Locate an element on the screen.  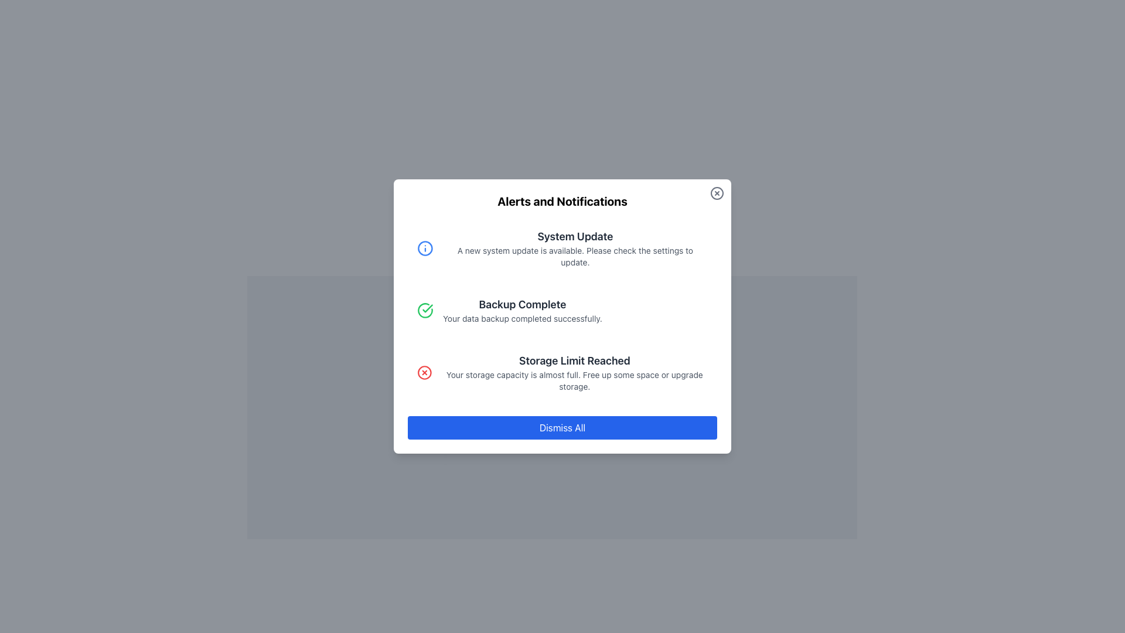
the third notification alert in the 'Alerts and Notifications' modal dialog box, which informs the user that their storage capacity is almost full is located at coordinates (562, 373).